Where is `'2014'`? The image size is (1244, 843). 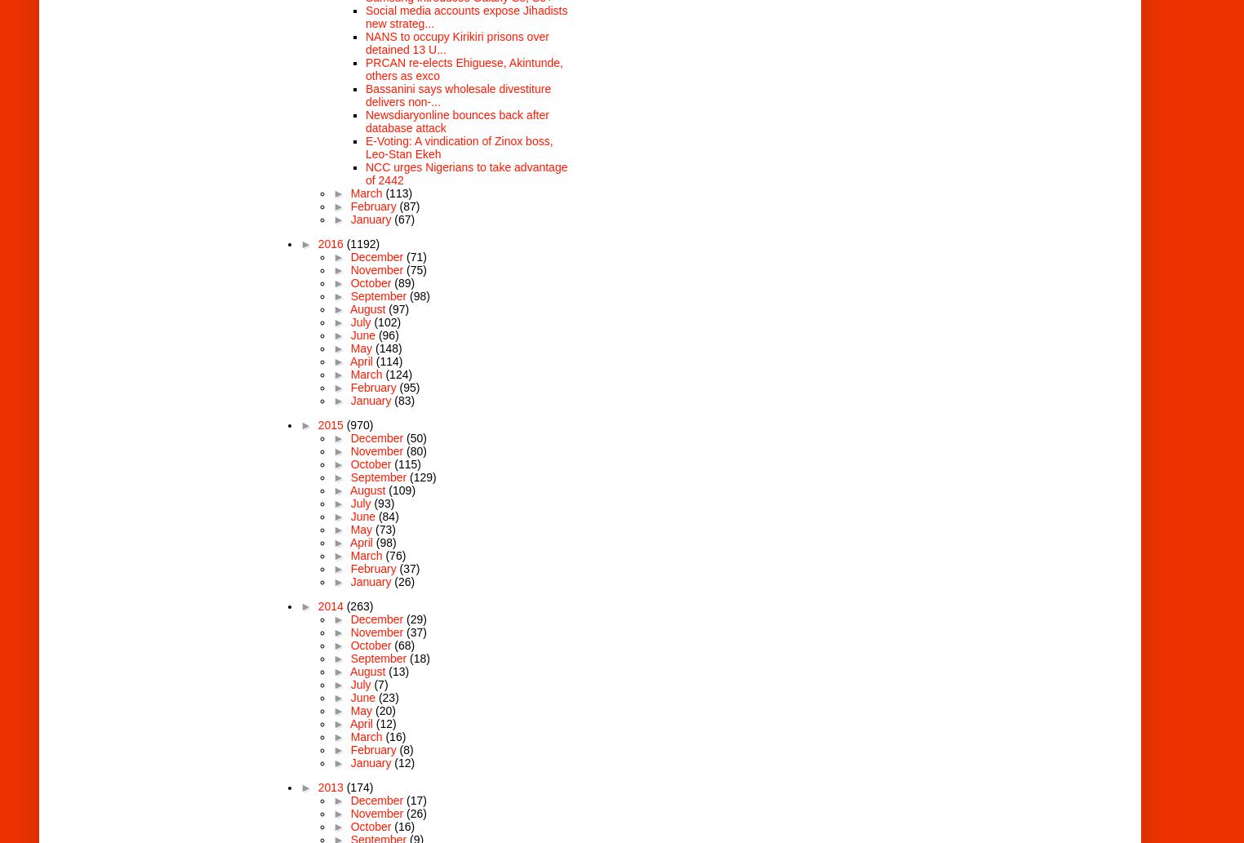
'2014' is located at coordinates (331, 606).